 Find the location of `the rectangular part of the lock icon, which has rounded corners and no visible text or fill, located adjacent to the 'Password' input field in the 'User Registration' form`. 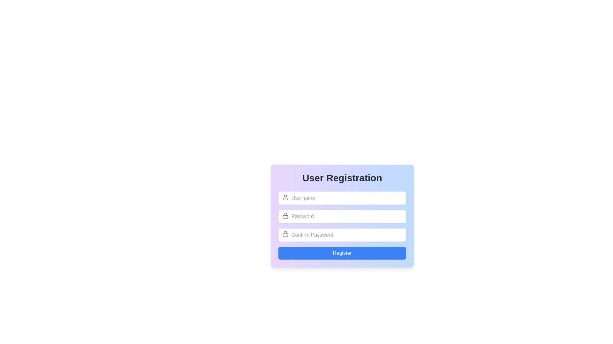

the rectangular part of the lock icon, which has rounded corners and no visible text or fill, located adjacent to the 'Password' input field in the 'User Registration' form is located at coordinates (285, 216).